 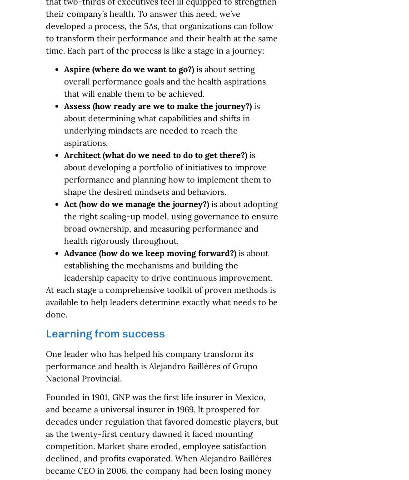 I want to click on 'is about adopting the right scaling-up model, using governance to ensure broad ownership, and measuring performance and health rigorously throughout.', so click(x=170, y=223).